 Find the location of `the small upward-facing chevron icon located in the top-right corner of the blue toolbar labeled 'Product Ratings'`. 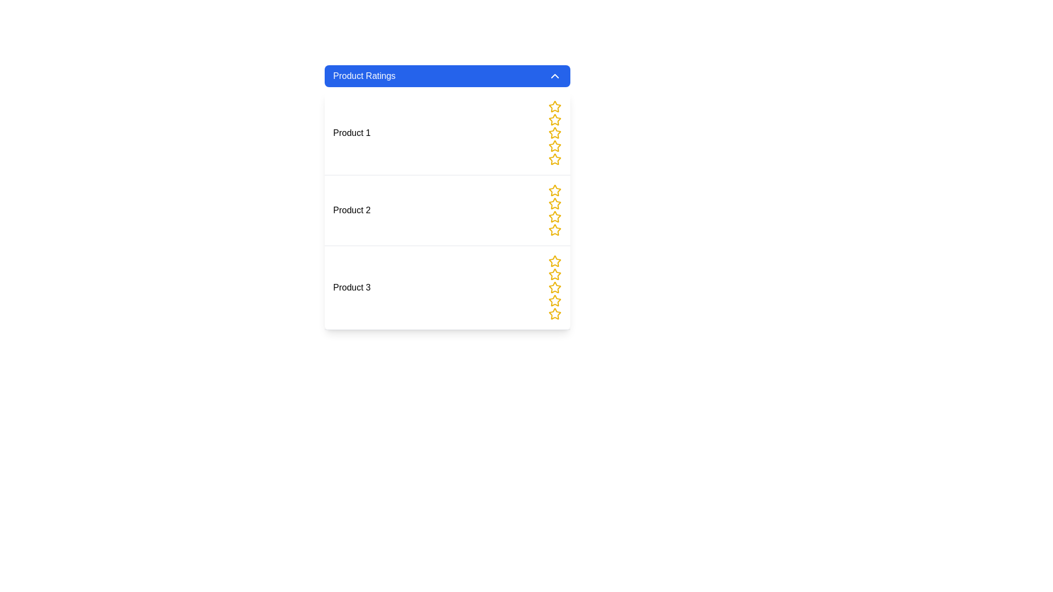

the small upward-facing chevron icon located in the top-right corner of the blue toolbar labeled 'Product Ratings' is located at coordinates (554, 75).